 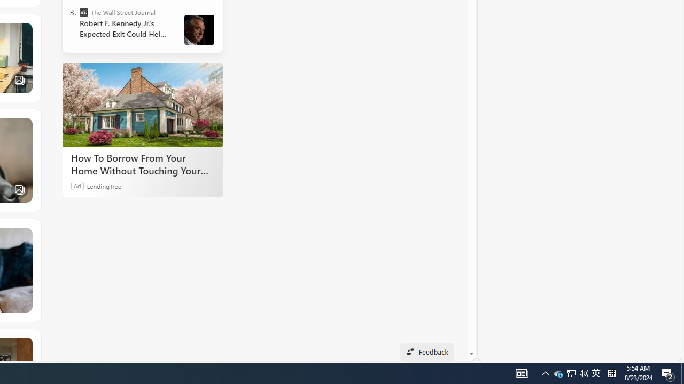 I want to click on 'Ad', so click(x=77, y=185).